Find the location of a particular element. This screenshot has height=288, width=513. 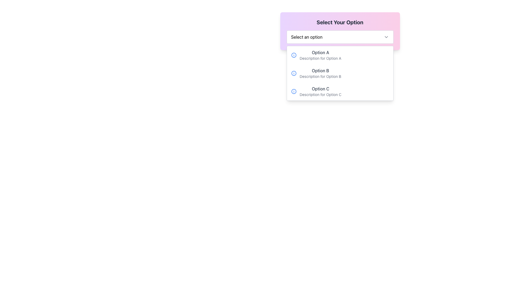

the first selectable choice in the dropdown menu, which is located at the top of the list below the menu's label and currently selected value is located at coordinates (320, 55).